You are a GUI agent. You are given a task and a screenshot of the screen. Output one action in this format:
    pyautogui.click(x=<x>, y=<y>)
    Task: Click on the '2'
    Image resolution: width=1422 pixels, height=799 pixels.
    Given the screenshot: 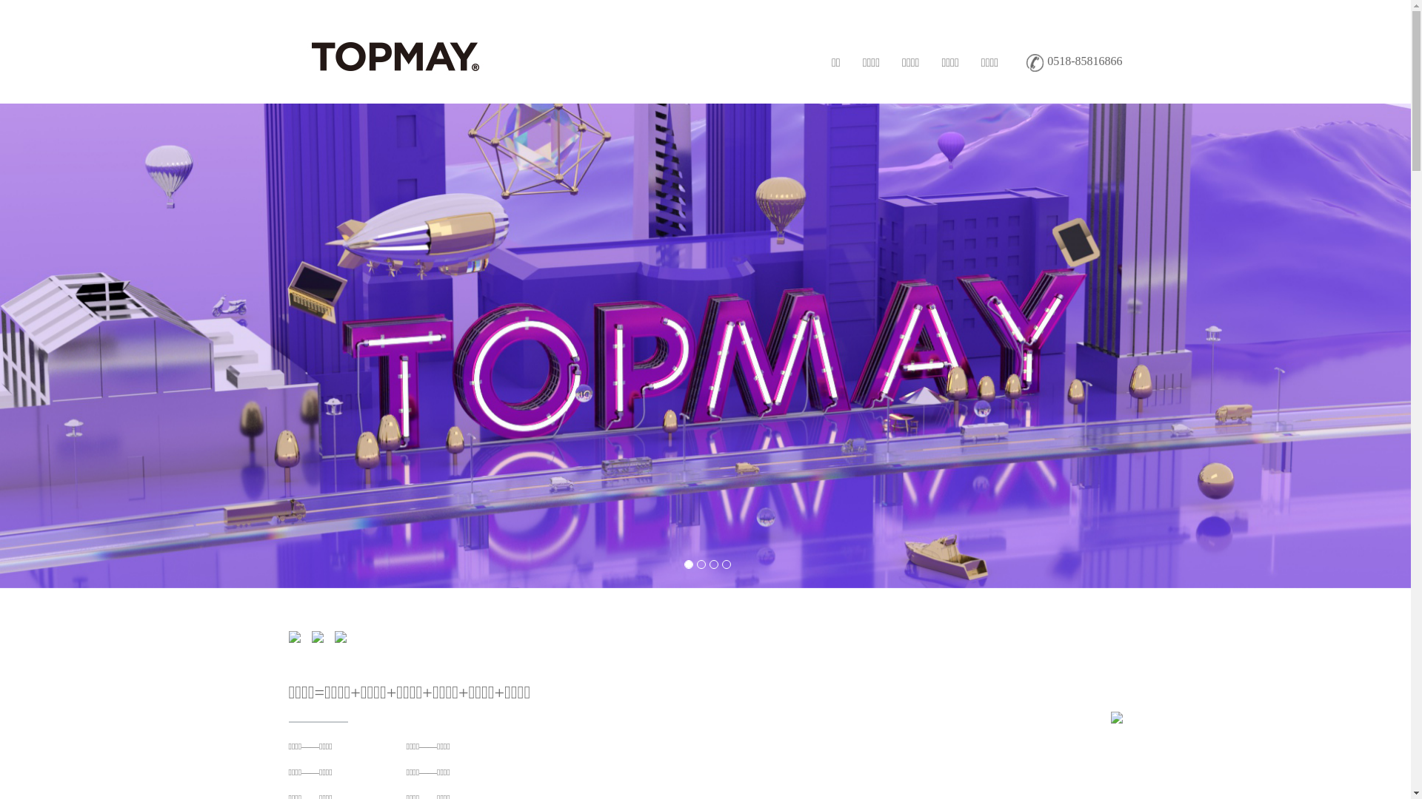 What is the action you would take?
    pyautogui.click(x=700, y=564)
    